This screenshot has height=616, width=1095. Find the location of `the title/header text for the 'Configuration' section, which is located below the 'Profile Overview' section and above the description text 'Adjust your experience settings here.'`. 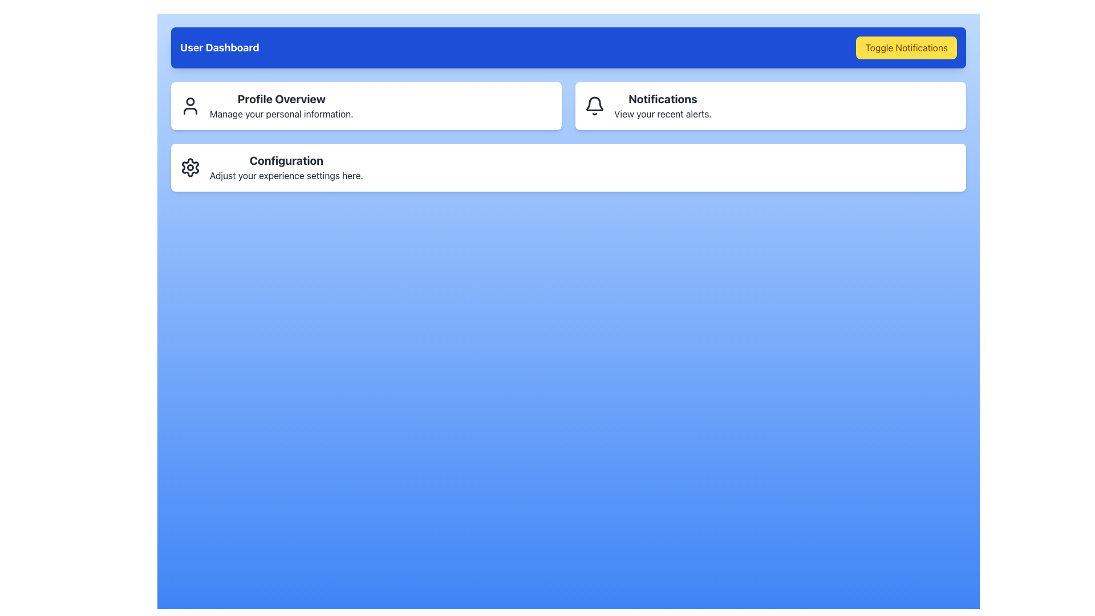

the title/header text for the 'Configuration' section, which is located below the 'Profile Overview' section and above the description text 'Adjust your experience settings here.' is located at coordinates (286, 160).